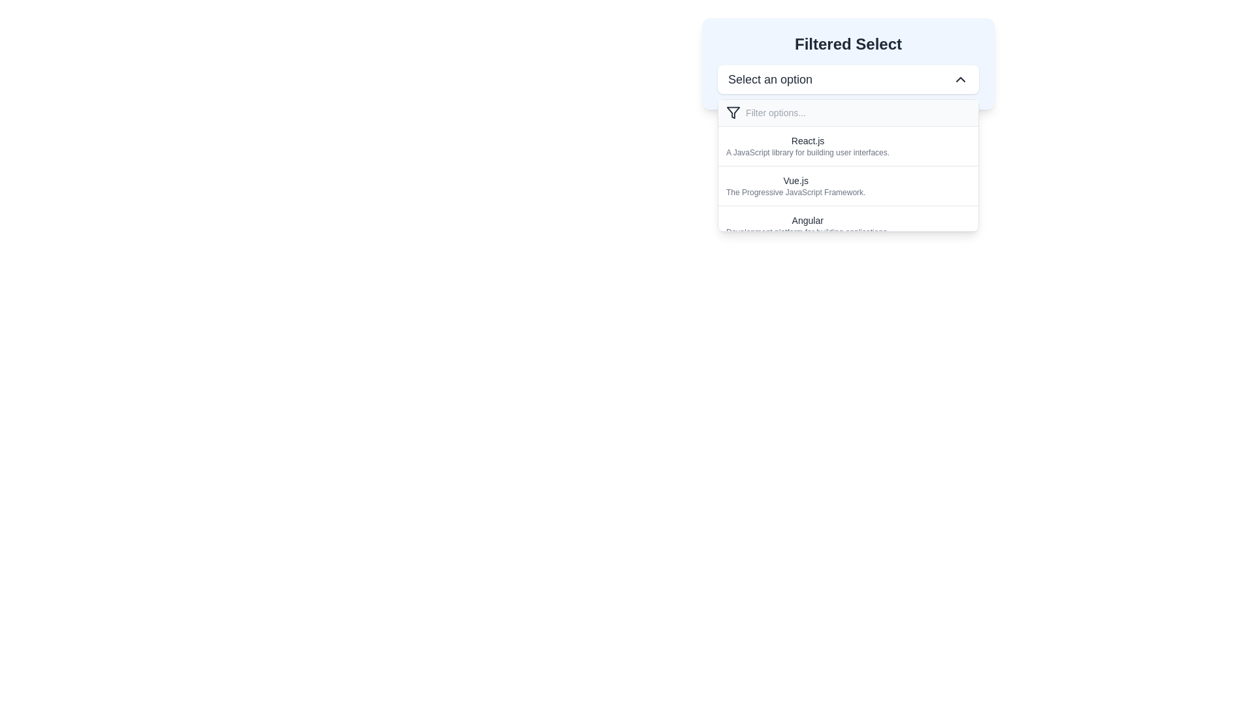  What do you see at coordinates (848, 80) in the screenshot?
I see `the dropdown menu labeled 'Select an option' located just underneath the title 'Filtered Select'` at bounding box center [848, 80].